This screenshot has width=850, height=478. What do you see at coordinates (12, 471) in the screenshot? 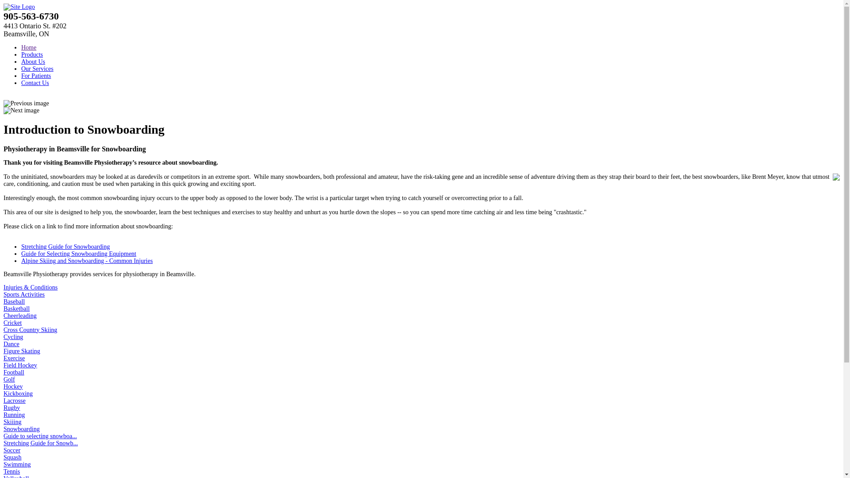
I see `'Tennis'` at bounding box center [12, 471].